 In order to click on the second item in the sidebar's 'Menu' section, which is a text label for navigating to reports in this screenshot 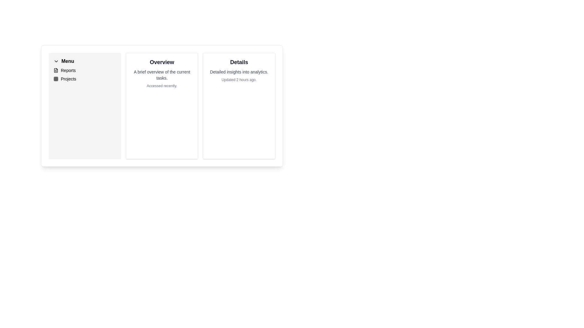, I will do `click(68, 70)`.